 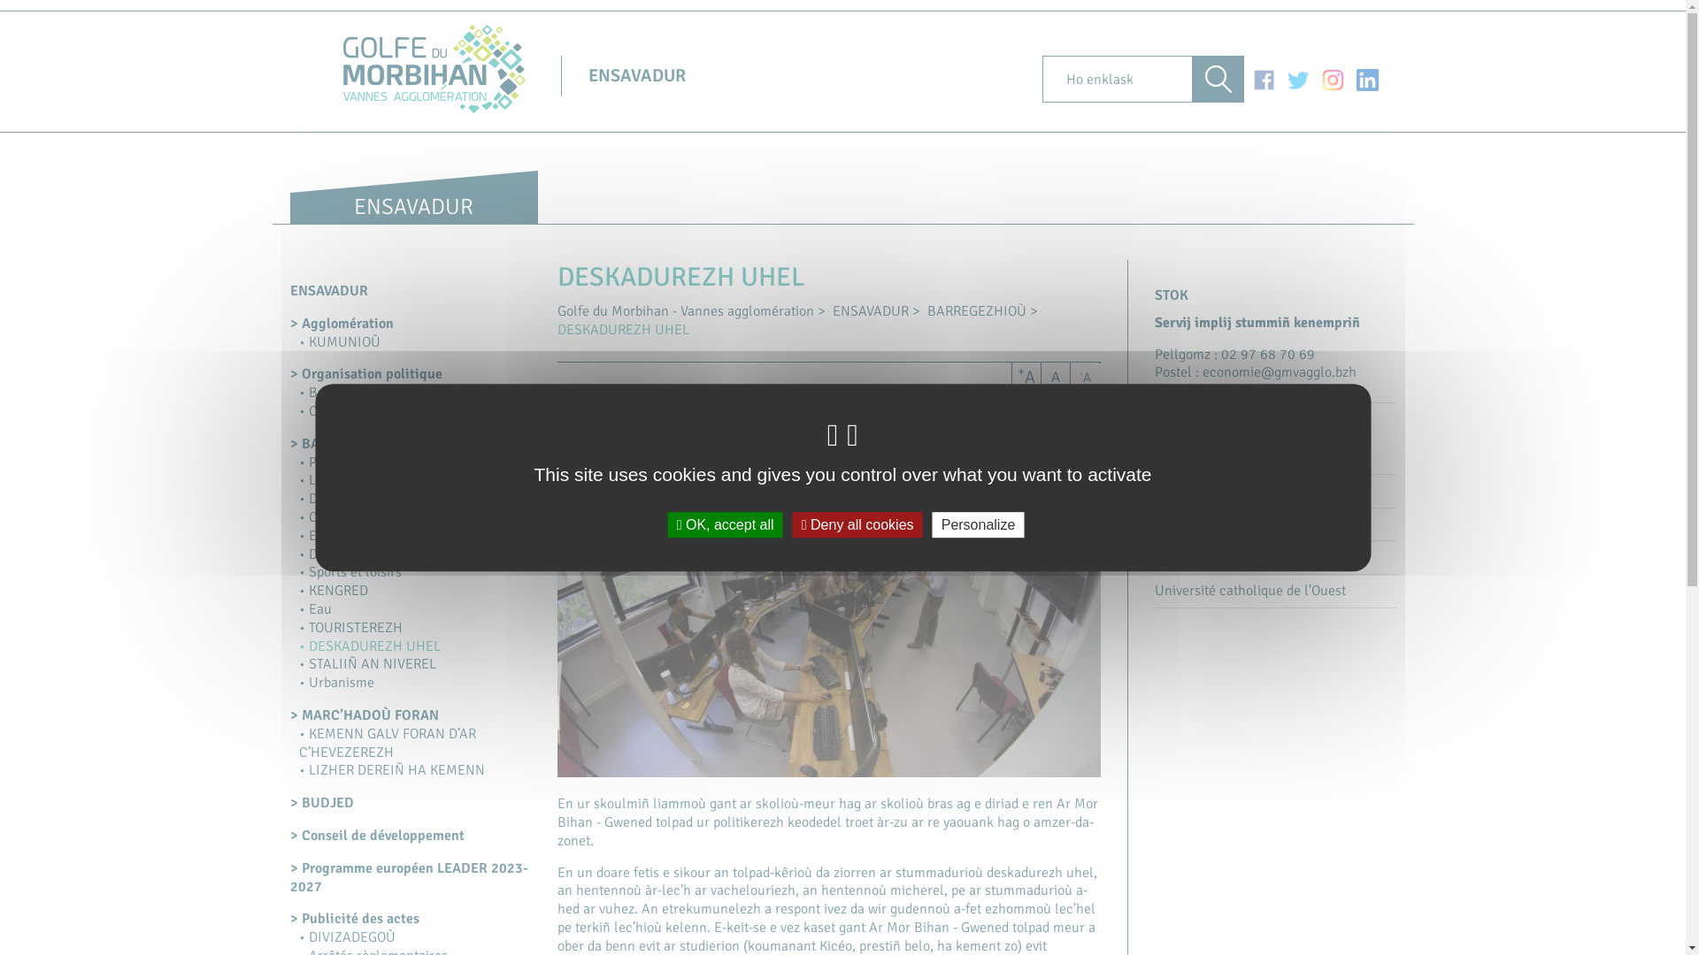 What do you see at coordinates (298, 572) in the screenshot?
I see `'Sports et loisirs'` at bounding box center [298, 572].